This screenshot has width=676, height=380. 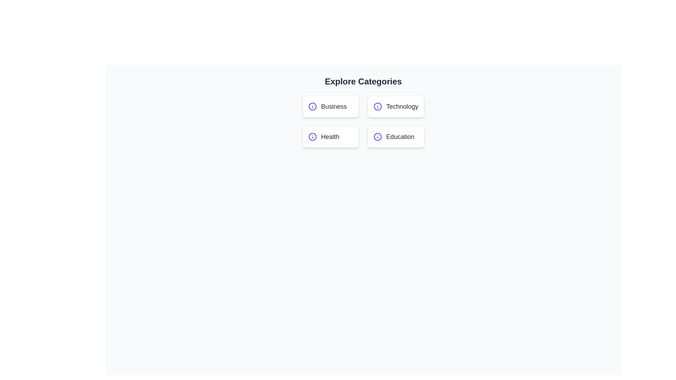 I want to click on the circular component of the information icon located within the 'Education' card, which is styled with a blue color and a thick border, filled with a white background, so click(x=377, y=137).